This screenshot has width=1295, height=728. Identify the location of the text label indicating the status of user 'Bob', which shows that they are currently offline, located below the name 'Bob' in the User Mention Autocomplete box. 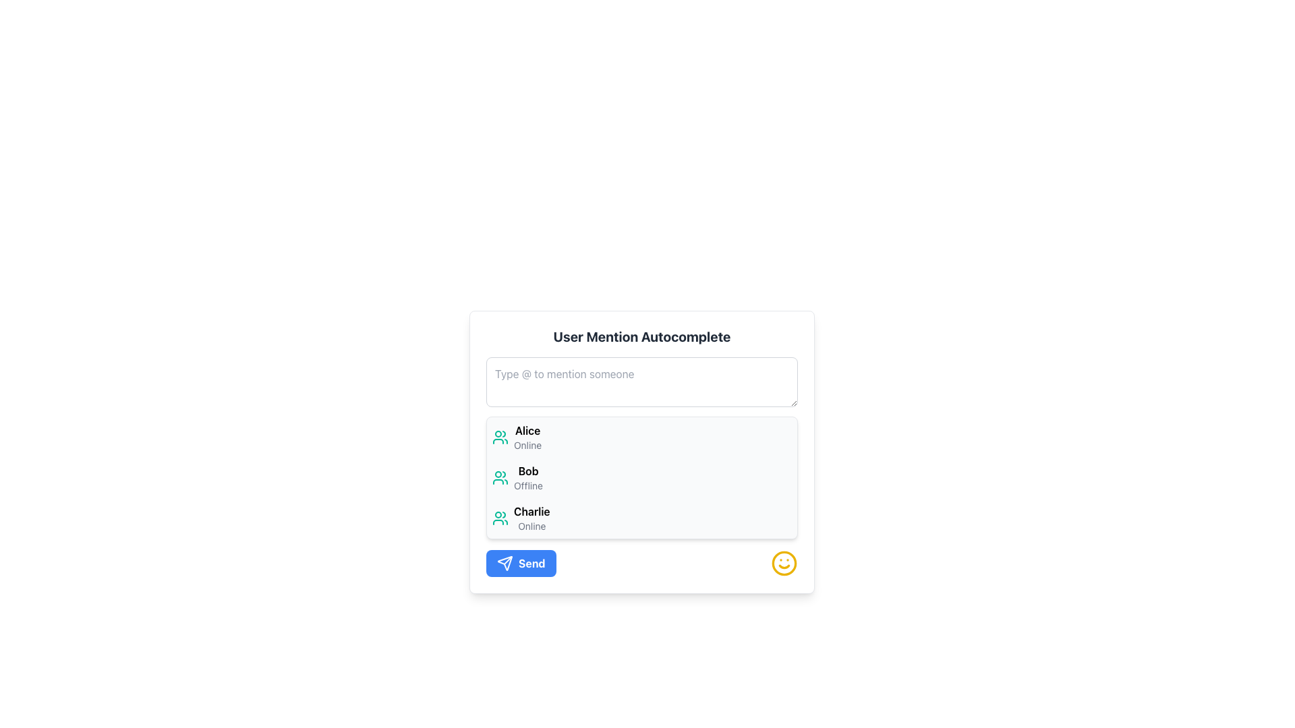
(527, 486).